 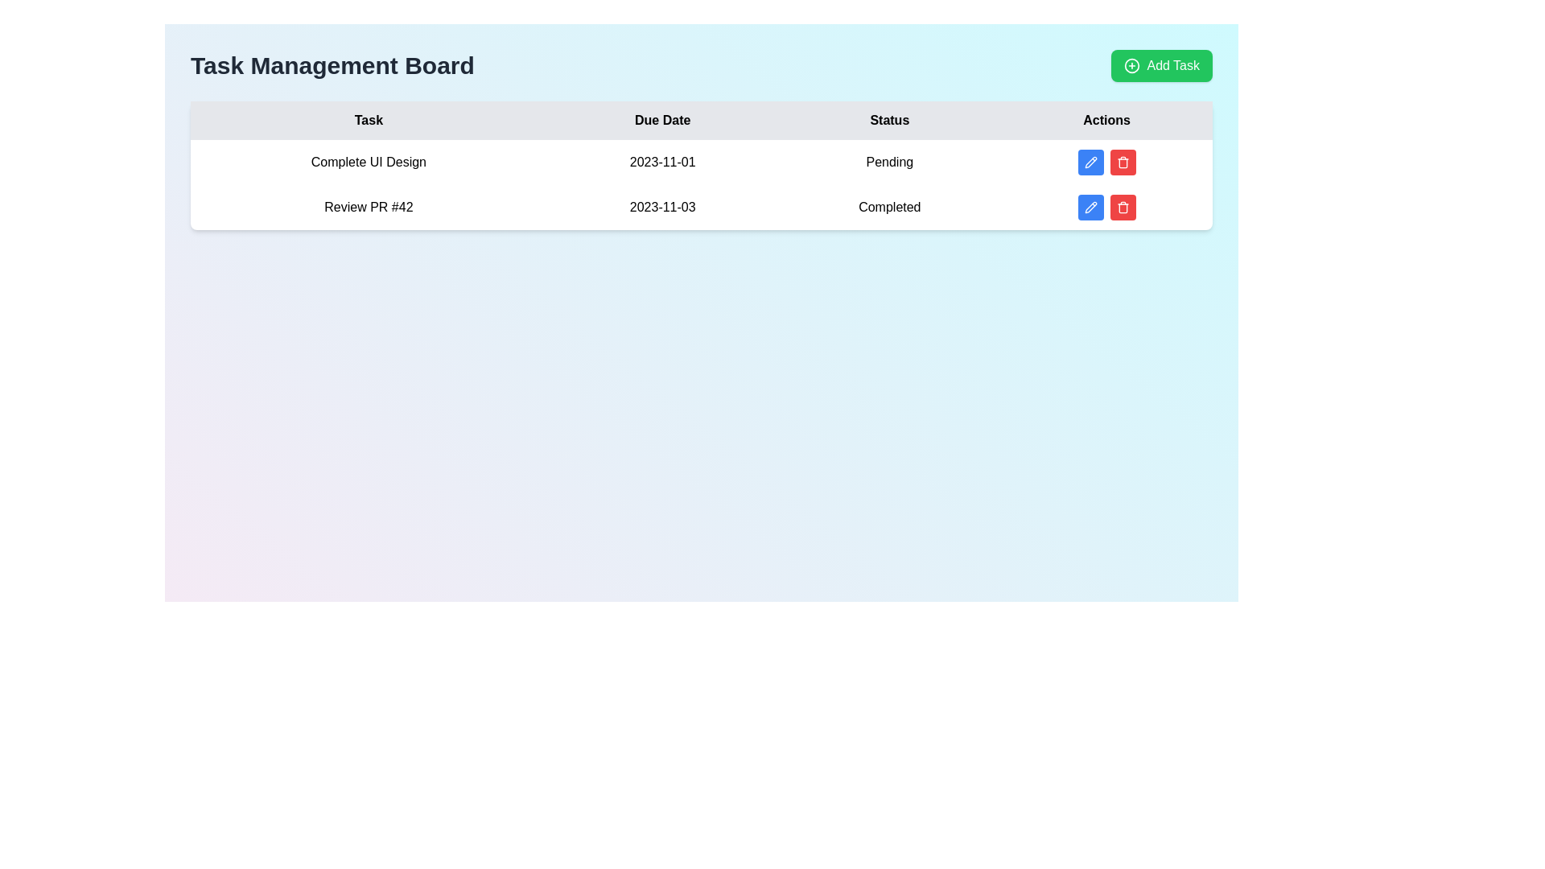 I want to click on the editing icon button located in the second row of the actions column of the task management board, so click(x=1090, y=207).